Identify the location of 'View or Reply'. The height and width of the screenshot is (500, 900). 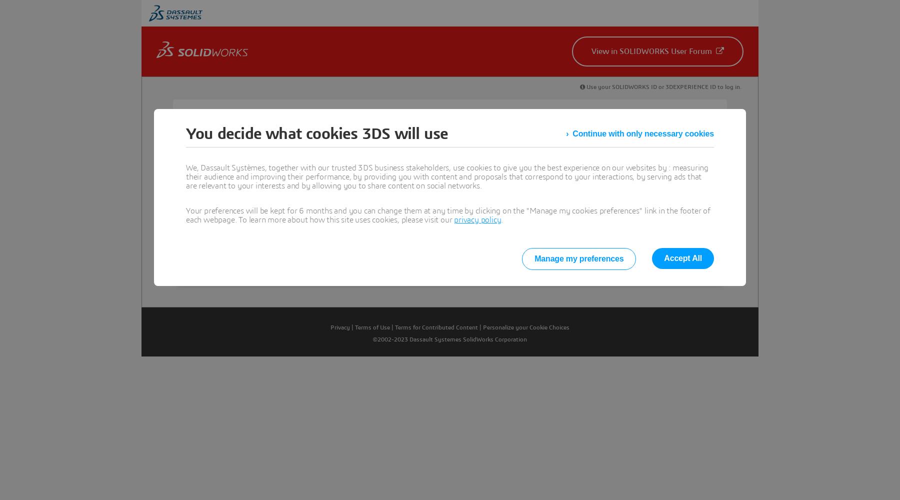
(236, 244).